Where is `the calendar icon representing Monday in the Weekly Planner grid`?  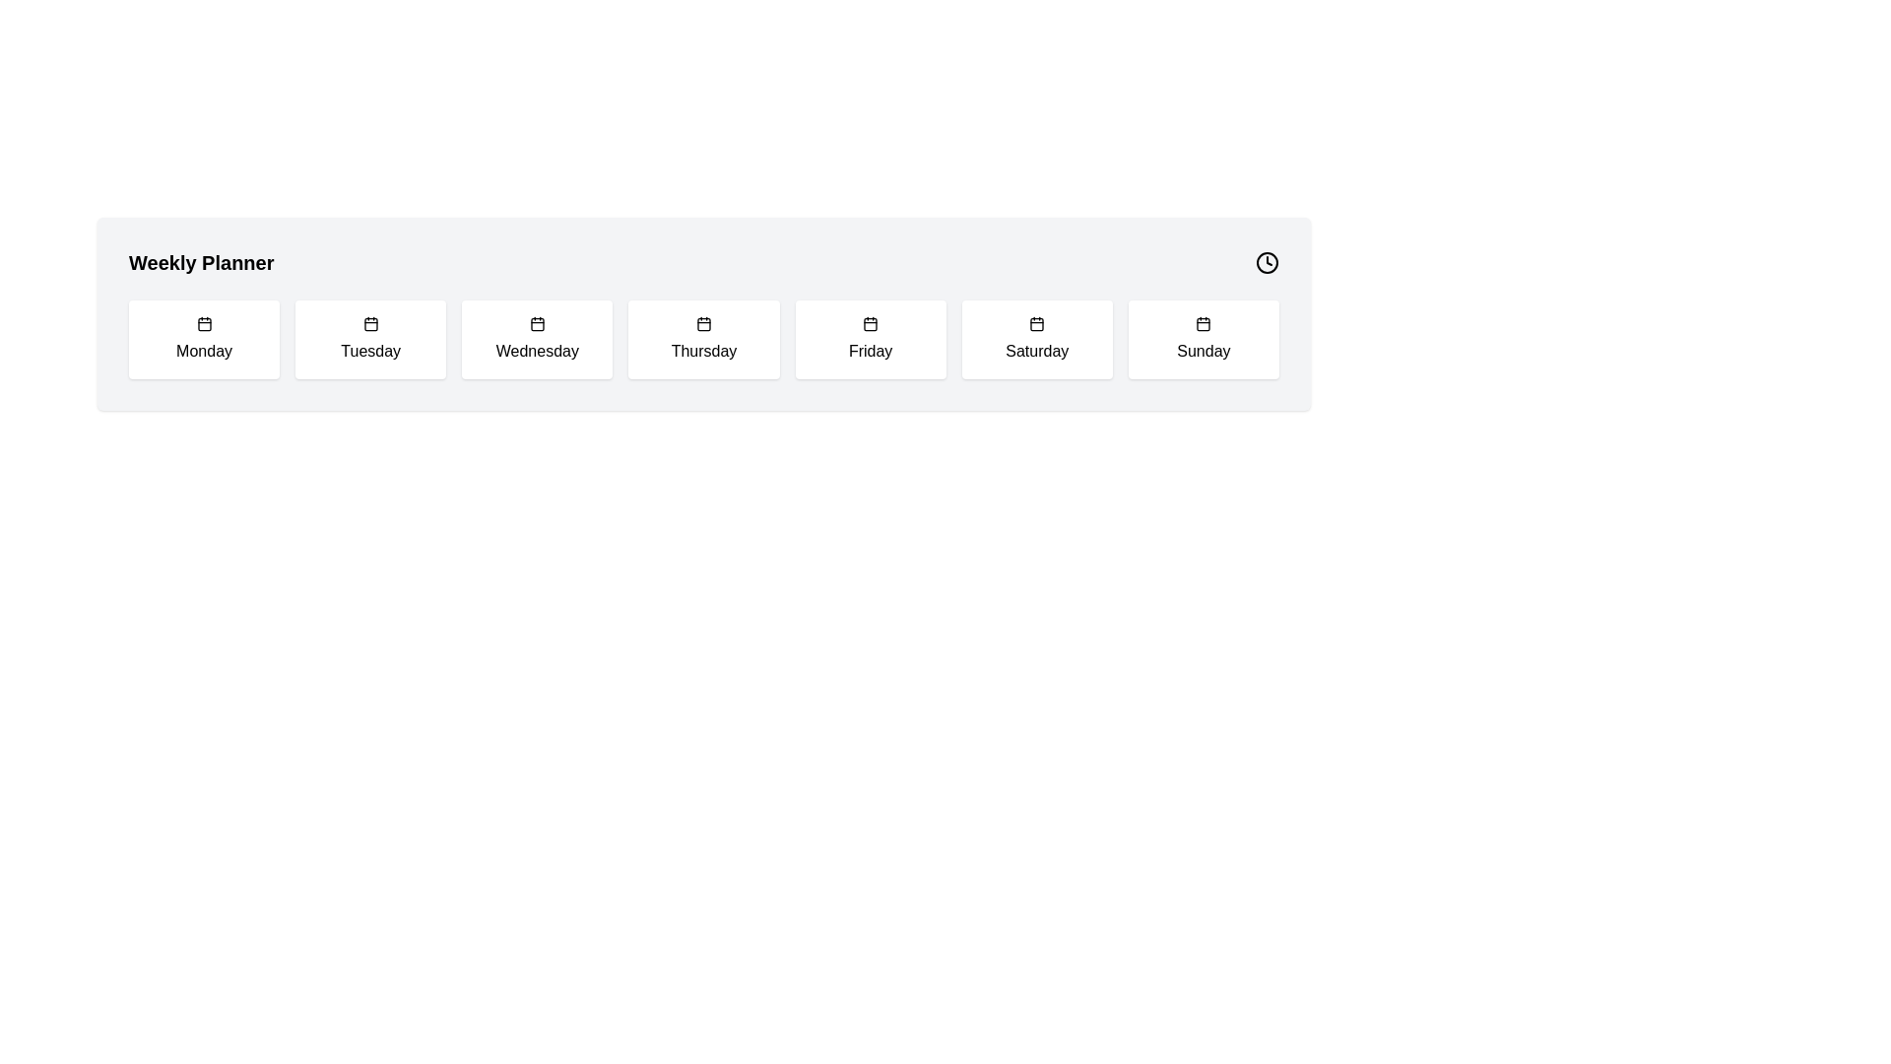
the calendar icon representing Monday in the Weekly Planner grid is located at coordinates (204, 322).